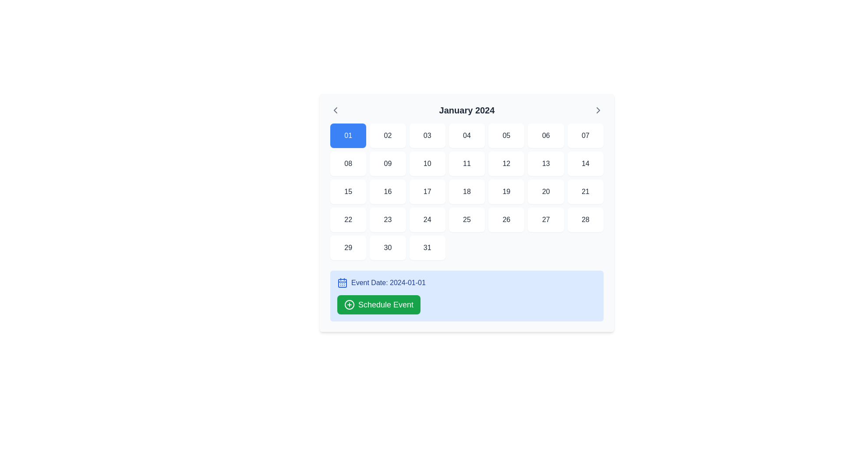  What do you see at coordinates (466, 191) in the screenshot?
I see `the rectangular button with rounded corners labeled '18'` at bounding box center [466, 191].